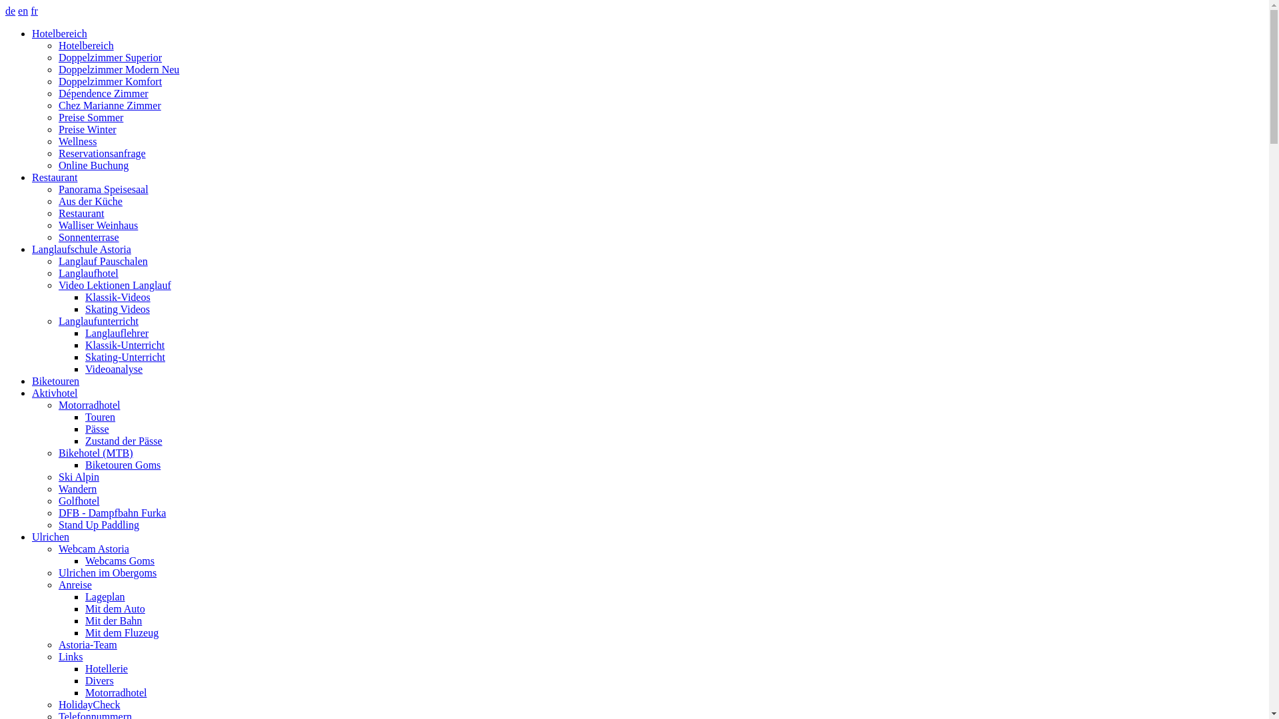  What do you see at coordinates (75, 584) in the screenshot?
I see `'Anreise'` at bounding box center [75, 584].